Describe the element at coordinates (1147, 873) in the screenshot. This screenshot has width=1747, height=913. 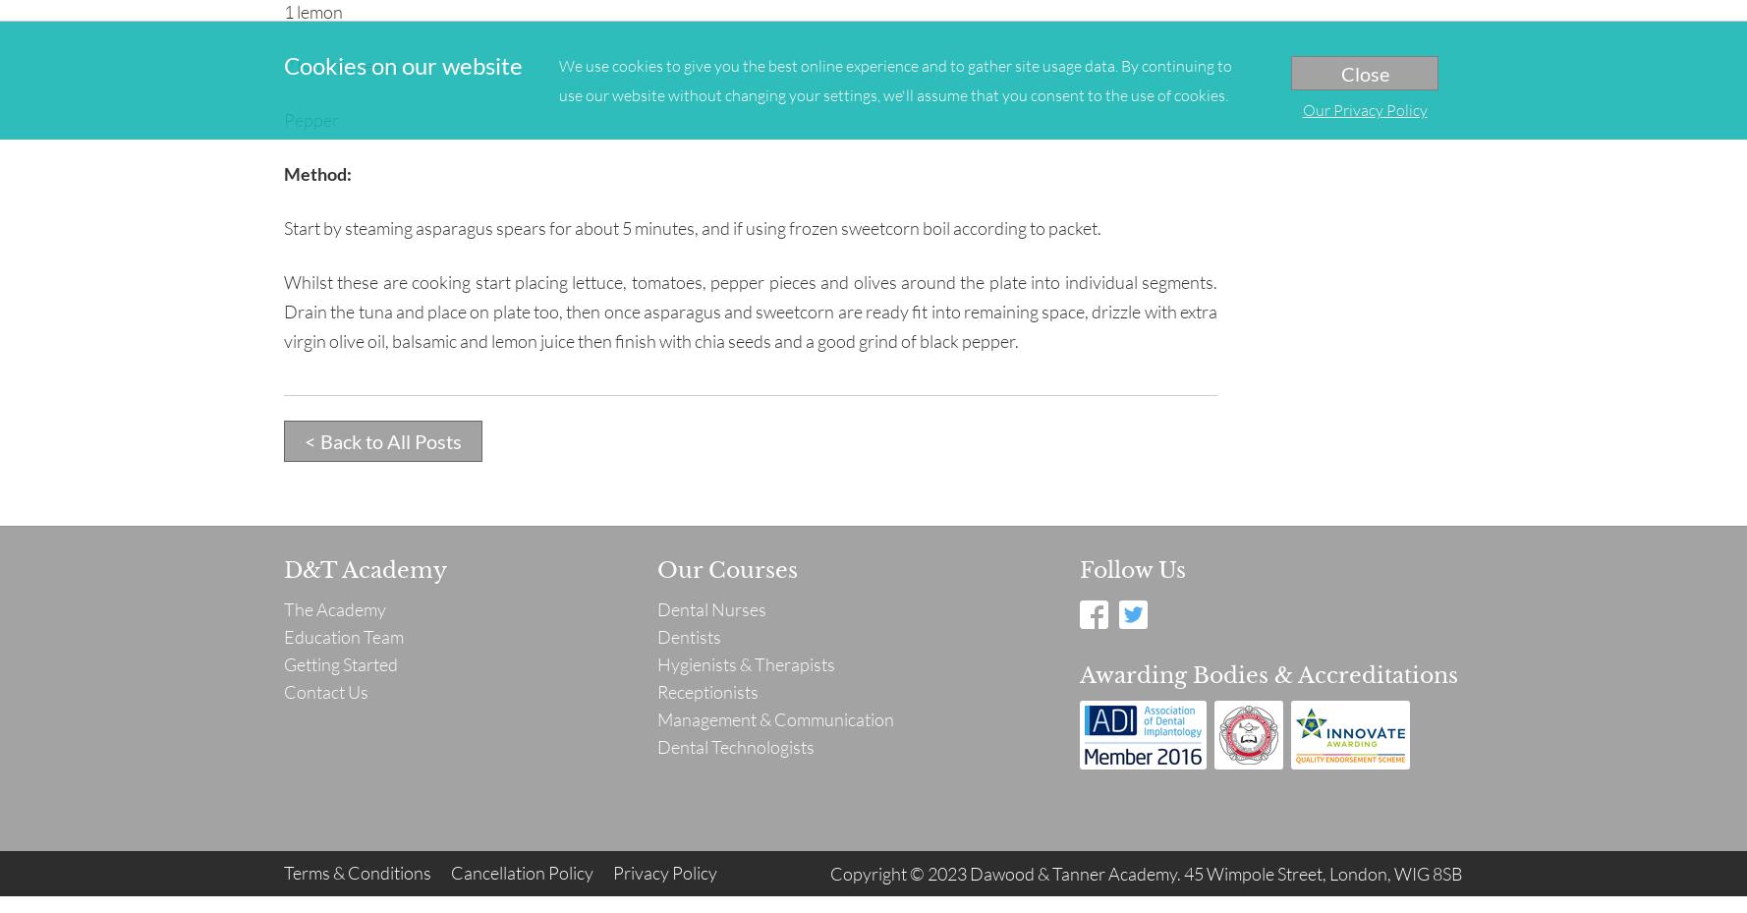
I see `'Copyright © 2023 Dawood & Tanner Academy. 45 Wimpole Street, London, WIG 8SB'` at that location.